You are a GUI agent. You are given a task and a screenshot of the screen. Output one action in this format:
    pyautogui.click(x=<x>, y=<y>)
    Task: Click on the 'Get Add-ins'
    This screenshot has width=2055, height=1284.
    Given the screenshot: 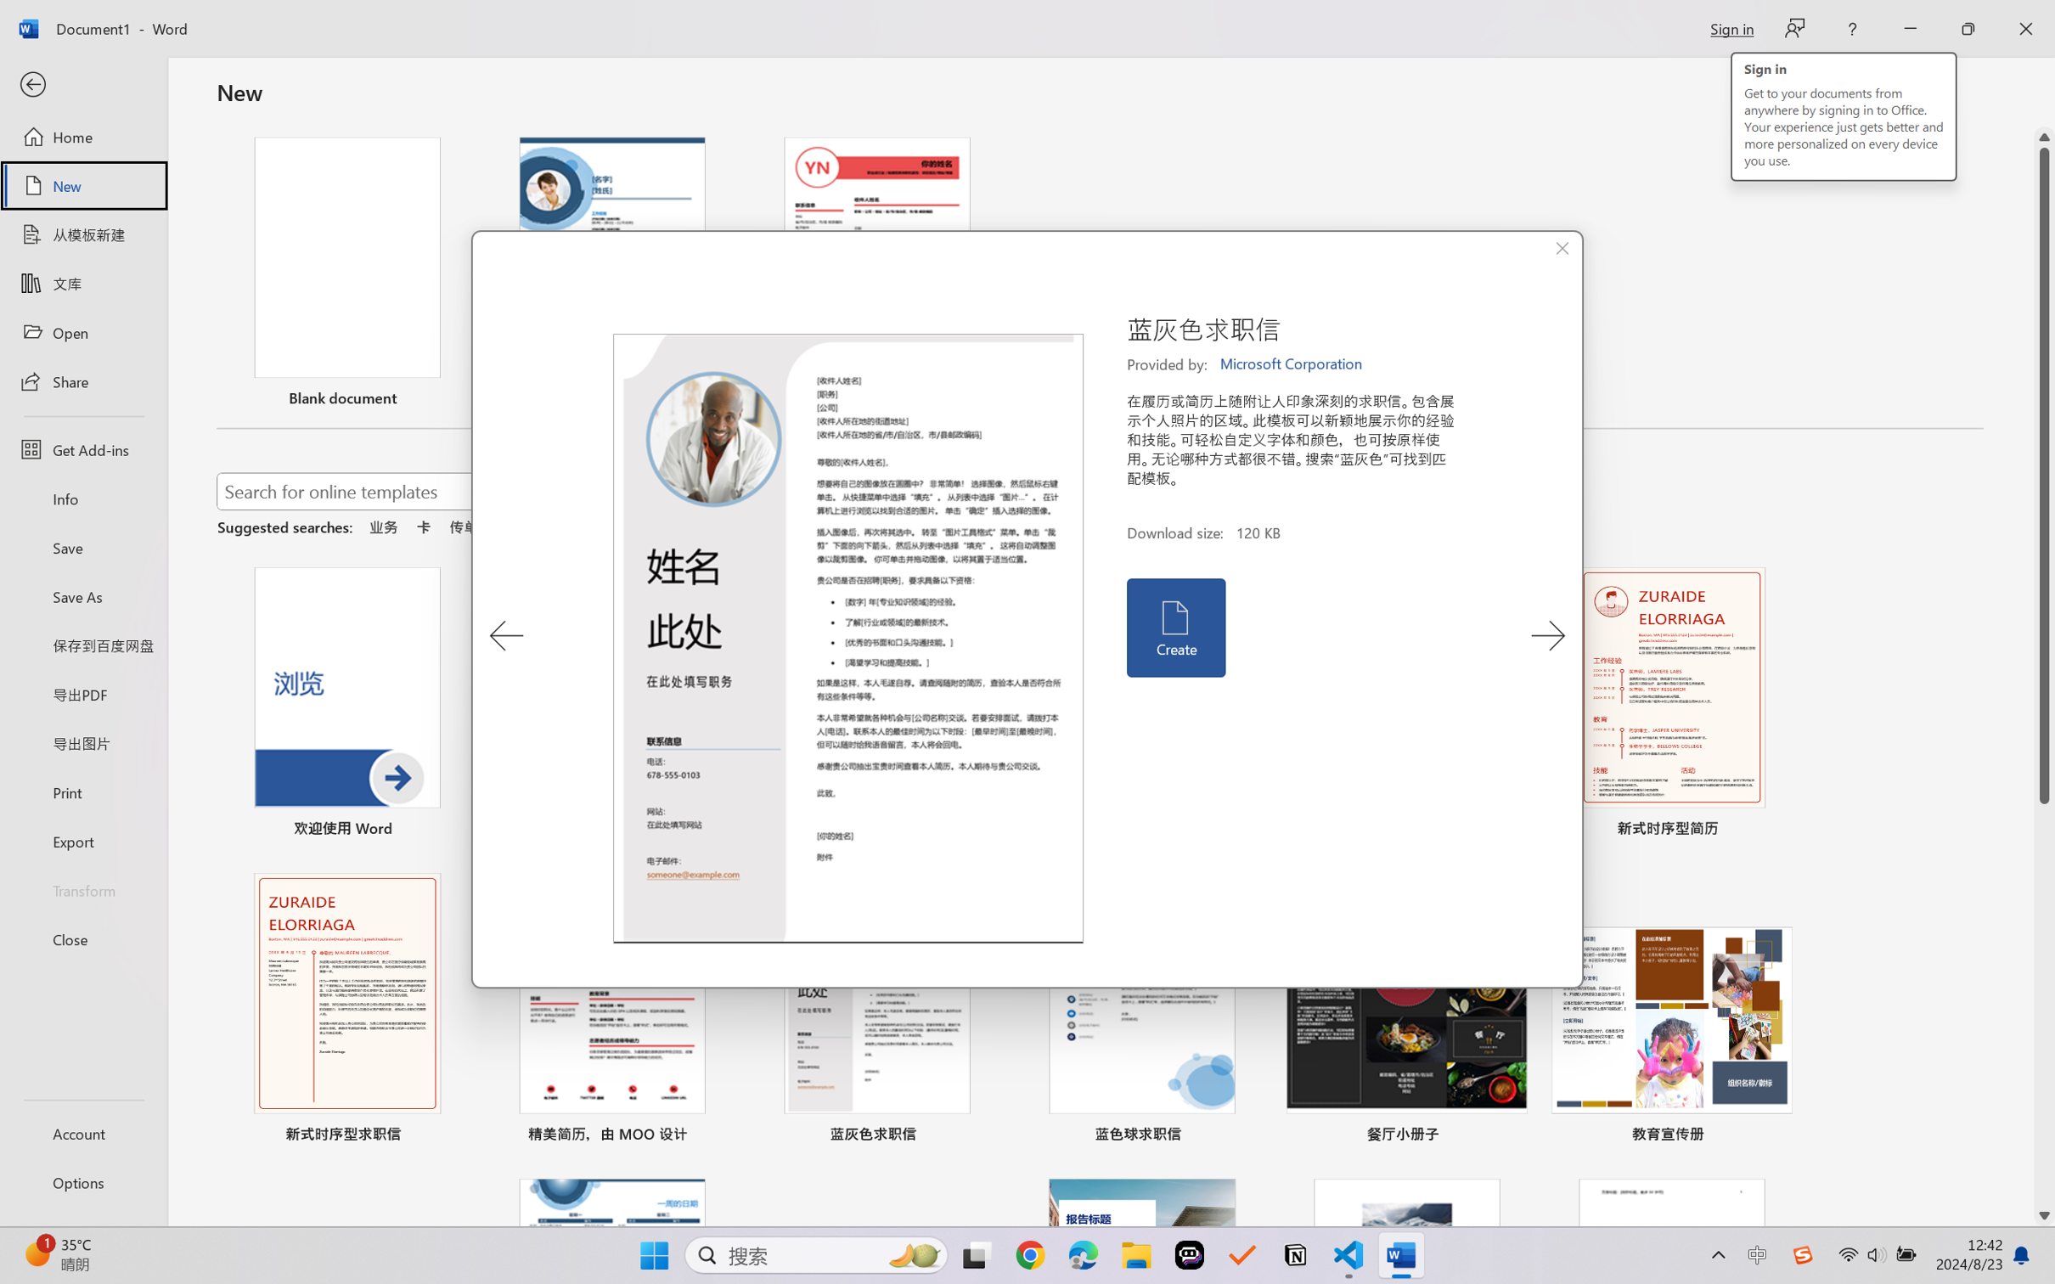 What is the action you would take?
    pyautogui.click(x=82, y=448)
    